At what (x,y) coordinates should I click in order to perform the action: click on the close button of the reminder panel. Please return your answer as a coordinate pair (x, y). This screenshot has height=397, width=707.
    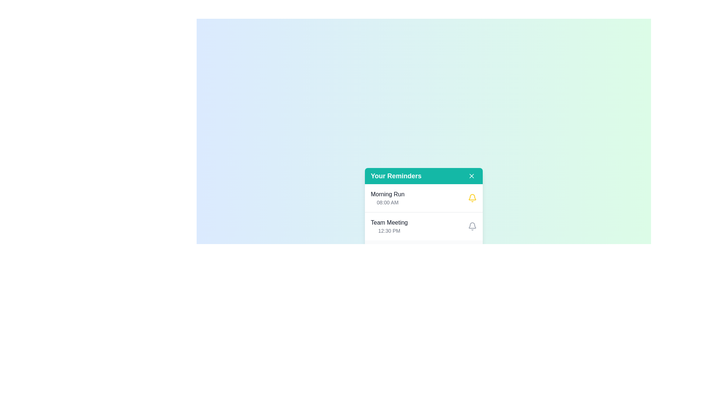
    Looking at the image, I should click on (472, 176).